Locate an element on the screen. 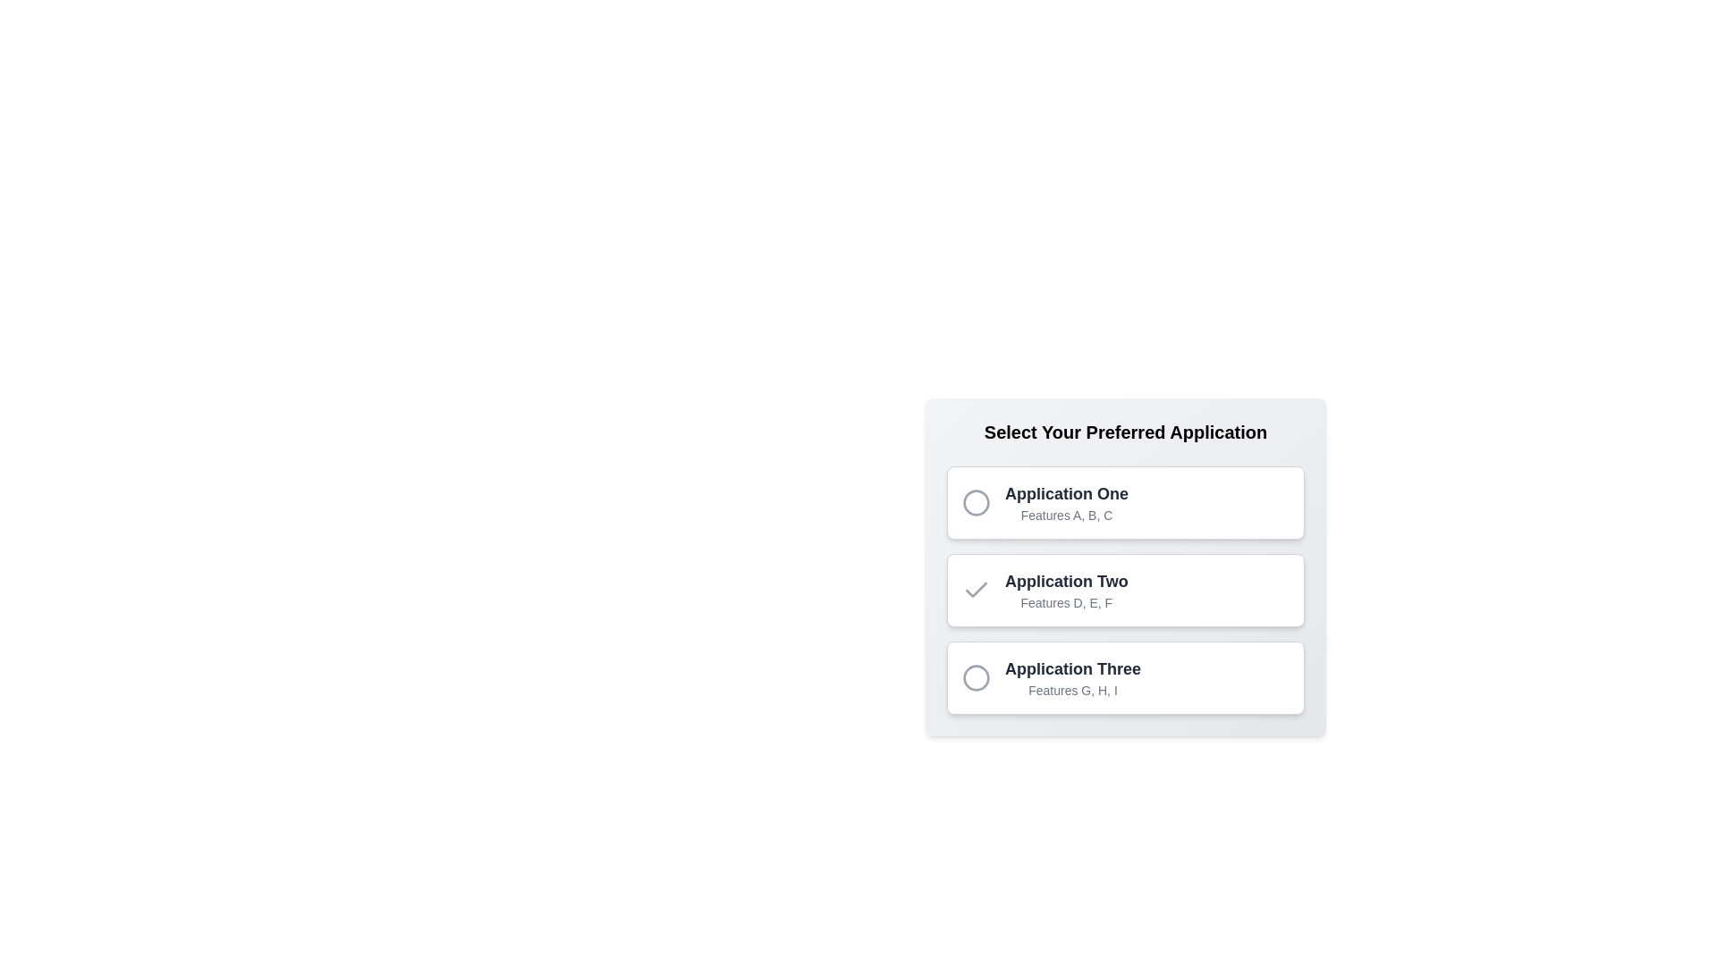  text label providing additional descriptive information about 'Application One', which is located immediately below the main title 'Application One' is located at coordinates (1067, 516).